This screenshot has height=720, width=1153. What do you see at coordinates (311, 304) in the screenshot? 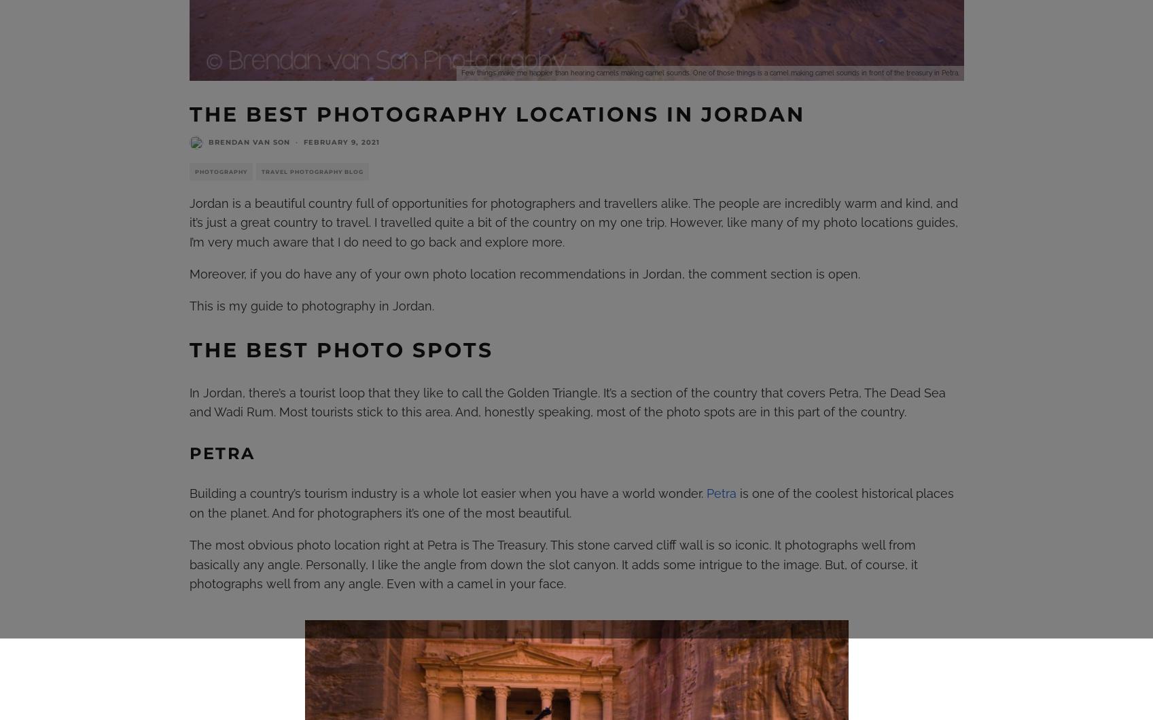
I see `'This is my guide to photography in Jordan.'` at bounding box center [311, 304].